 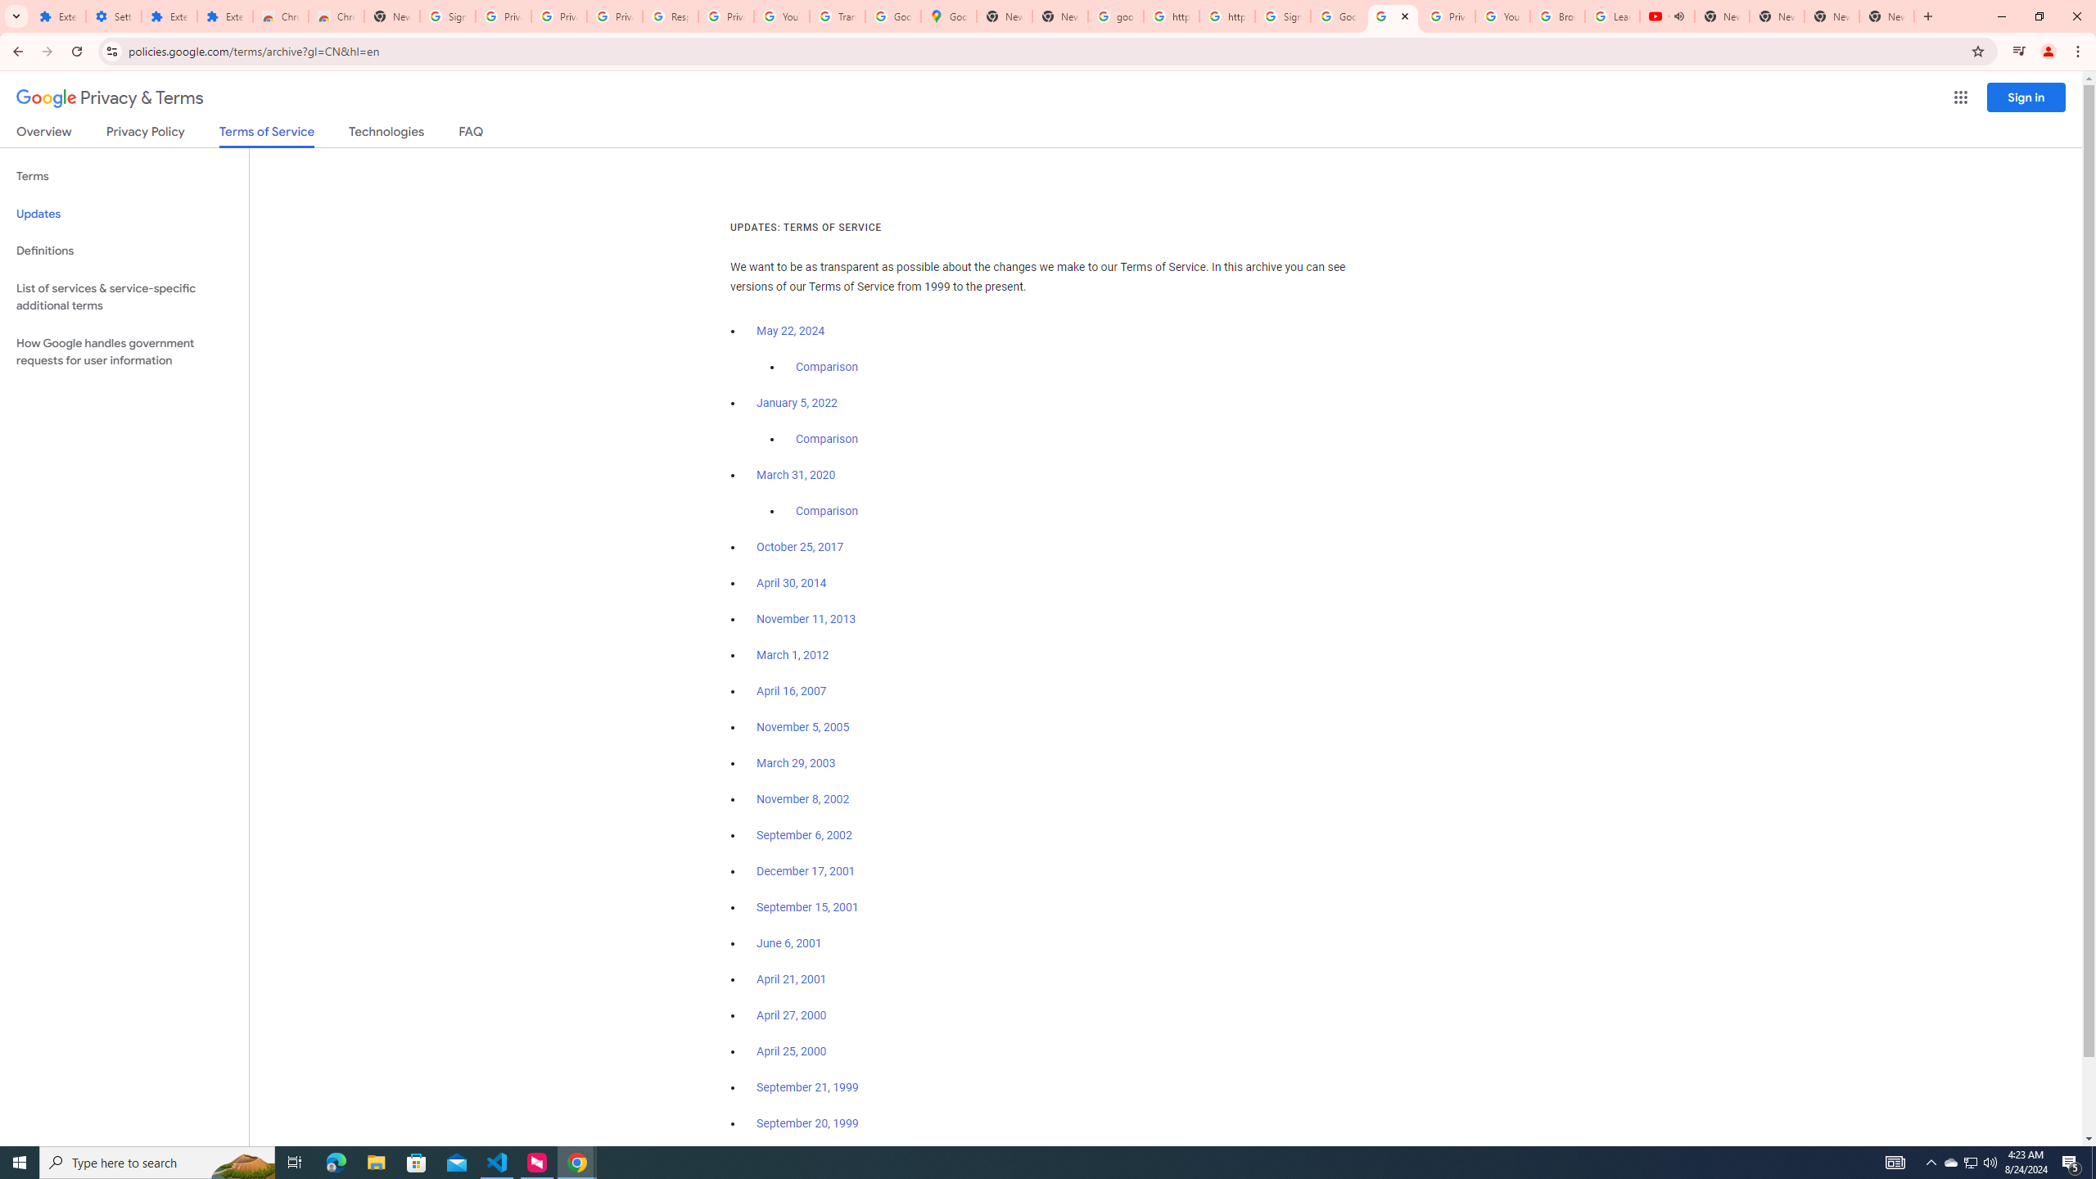 I want to click on 'November 5, 2005', so click(x=802, y=727).